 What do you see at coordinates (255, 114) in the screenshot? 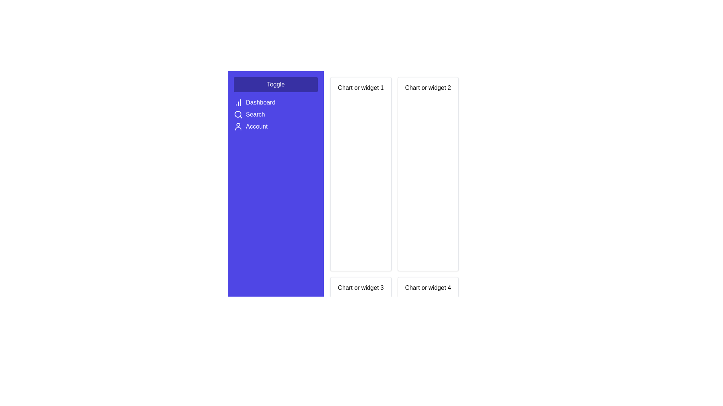
I see `the 'Search' text label located in the vertical navigation menu, which is displayed in white on a blue background, positioned below 'Dashboard' and above 'Account'` at bounding box center [255, 114].